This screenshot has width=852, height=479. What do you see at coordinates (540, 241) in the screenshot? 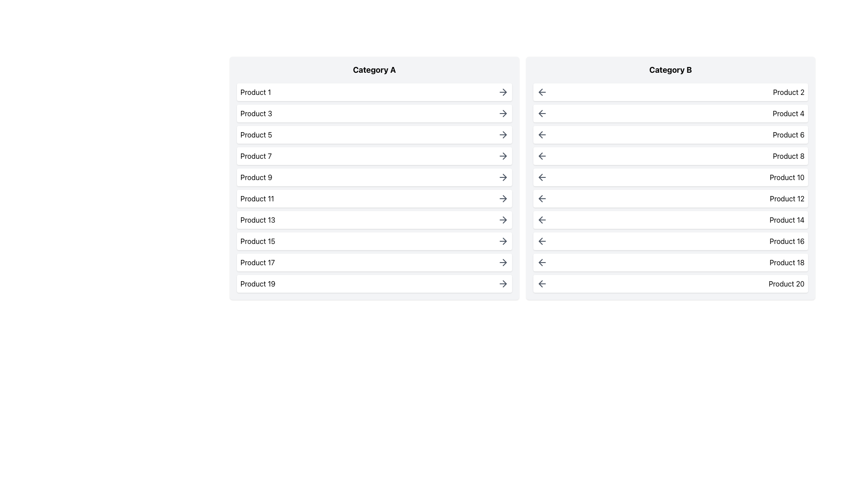
I see `the leftward navigation icon located in the right panel under 'Category B' section, next to 'Product 16'` at bounding box center [540, 241].